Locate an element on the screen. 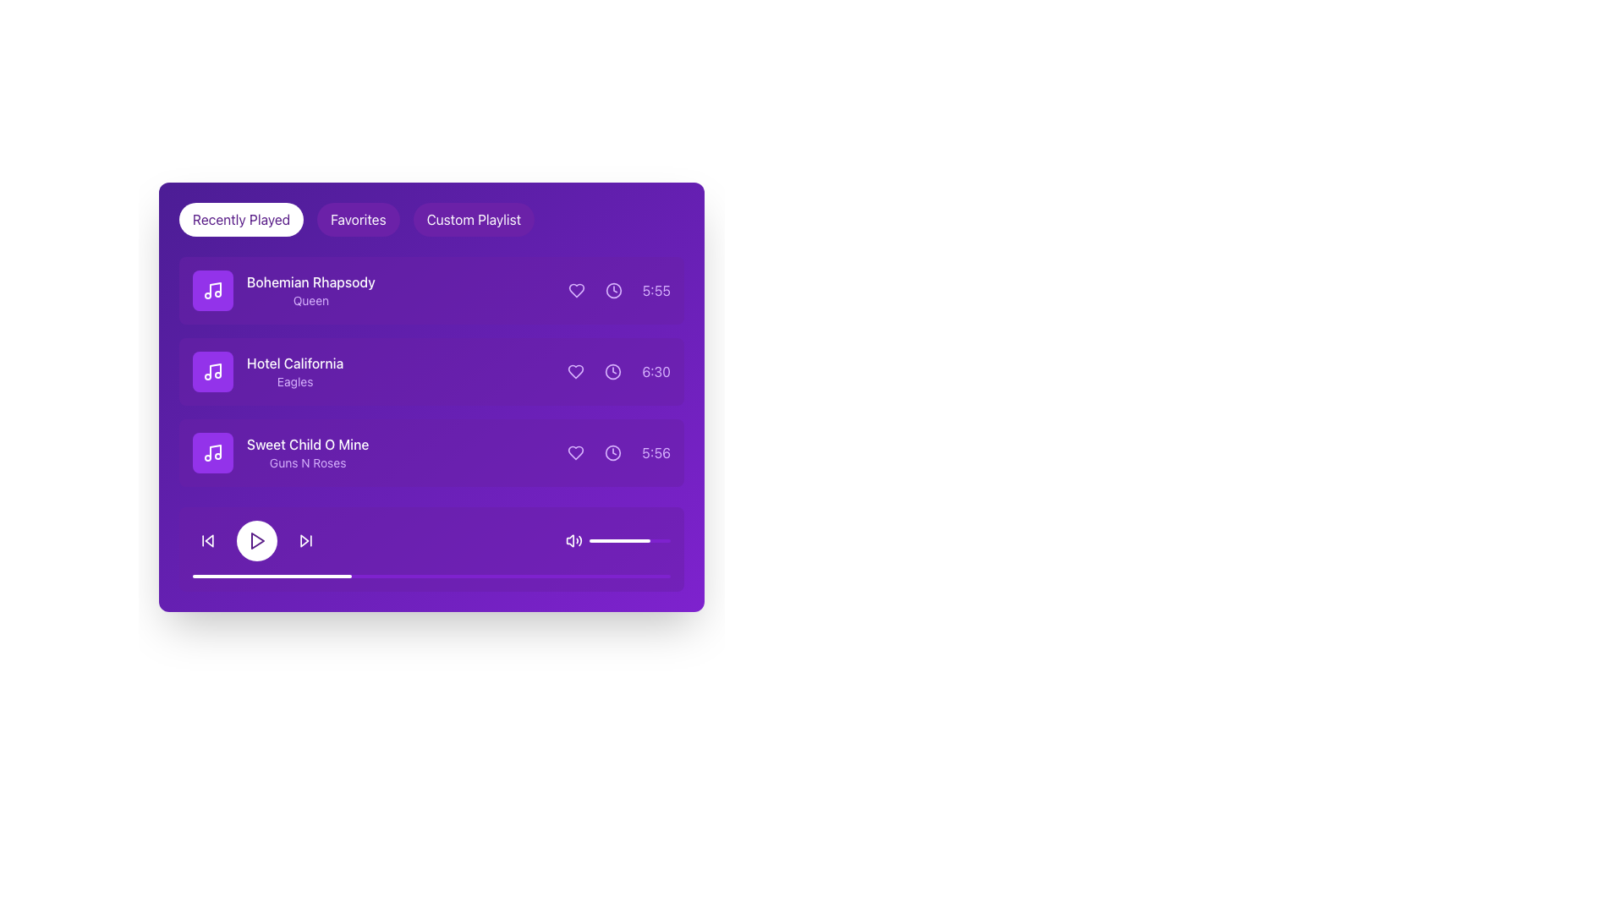 This screenshot has width=1624, height=913. the volume level is located at coordinates (617, 541).